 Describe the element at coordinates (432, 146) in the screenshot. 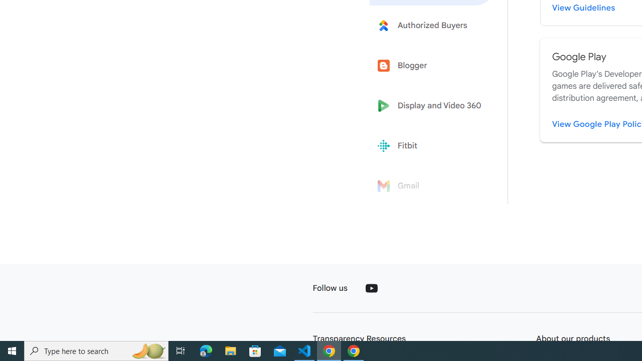

I see `'Fitbit'` at that location.